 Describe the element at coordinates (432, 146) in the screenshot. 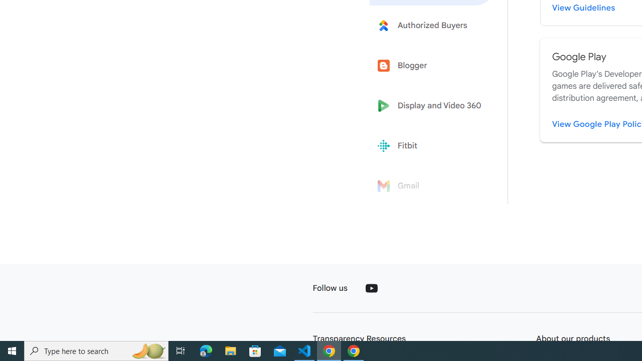

I see `'Fitbit'` at that location.